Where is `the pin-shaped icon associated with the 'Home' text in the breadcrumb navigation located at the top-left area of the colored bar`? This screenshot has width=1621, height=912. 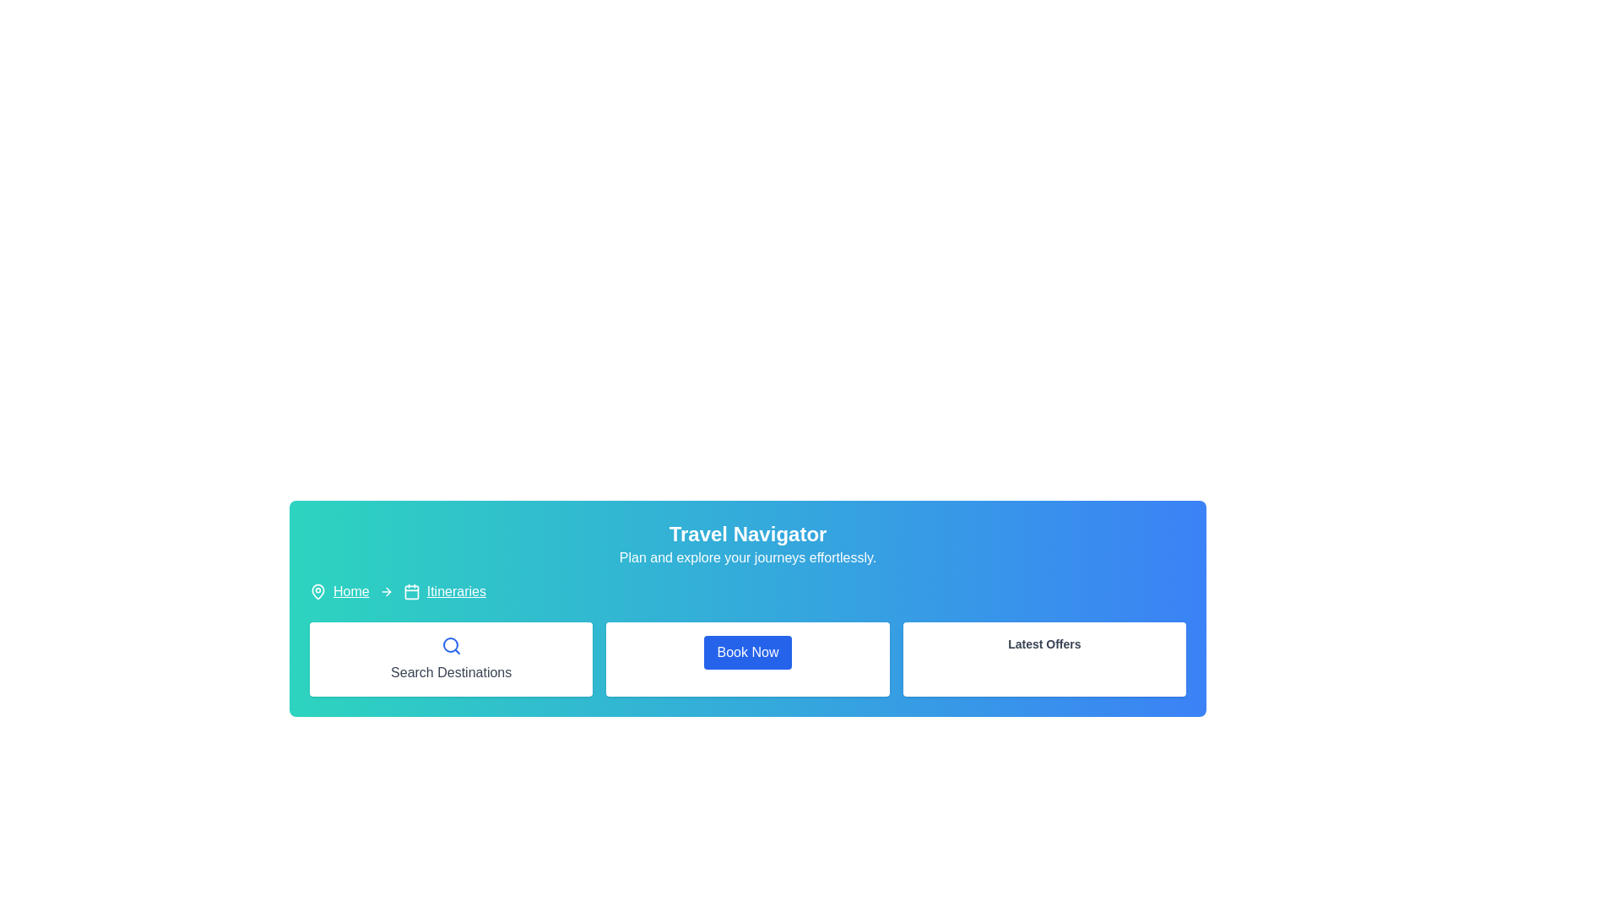
the pin-shaped icon associated with the 'Home' text in the breadcrumb navigation located at the top-left area of the colored bar is located at coordinates (318, 591).